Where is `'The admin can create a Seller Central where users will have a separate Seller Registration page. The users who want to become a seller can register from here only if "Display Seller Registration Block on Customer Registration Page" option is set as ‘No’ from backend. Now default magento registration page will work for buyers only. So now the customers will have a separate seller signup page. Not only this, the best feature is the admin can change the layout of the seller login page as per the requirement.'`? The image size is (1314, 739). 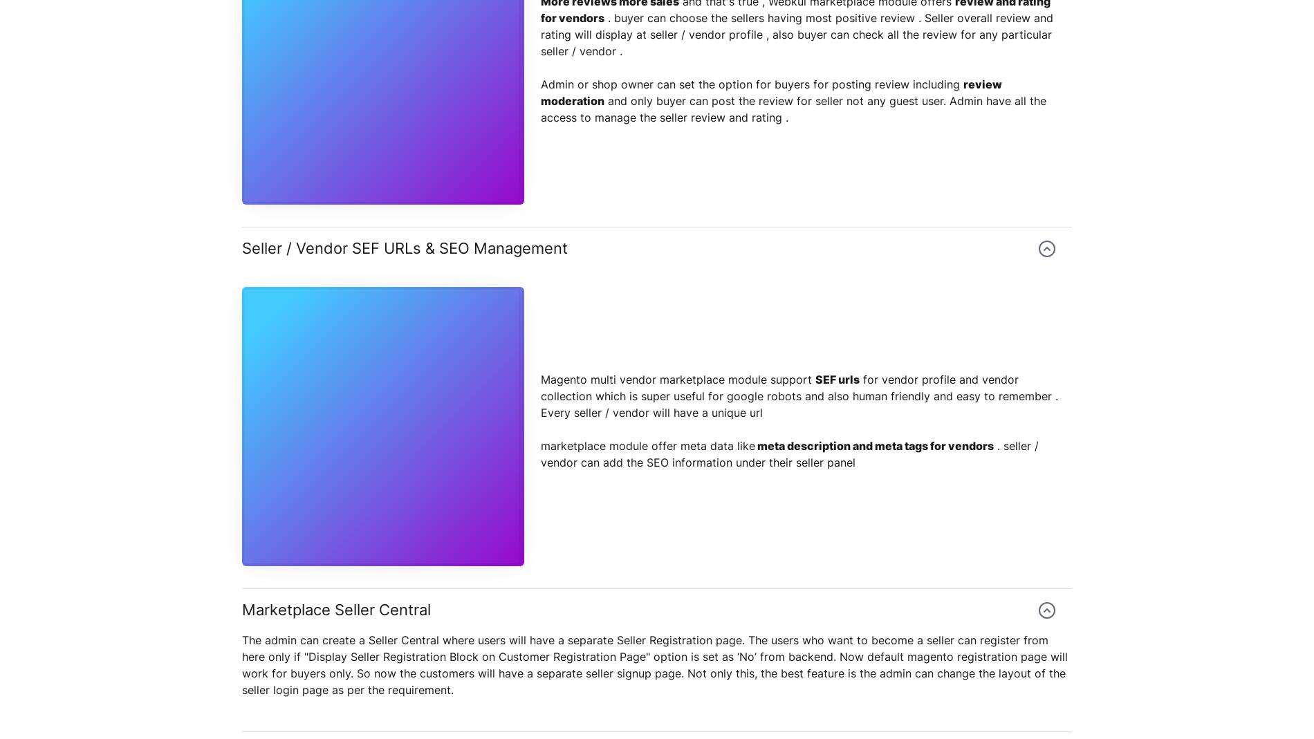 'The admin can create a Seller Central where users will have a separate Seller Registration page. The users who want to become a seller can register from here only if "Display Seller Registration Block on Customer Registration Page" option is set as ‘No’ from backend. Now default magento registration page will work for buyers only. So now the customers will have a separate seller signup page. Not only this, the best feature is the admin can change the layout of the seller login page as per the requirement.' is located at coordinates (241, 664).